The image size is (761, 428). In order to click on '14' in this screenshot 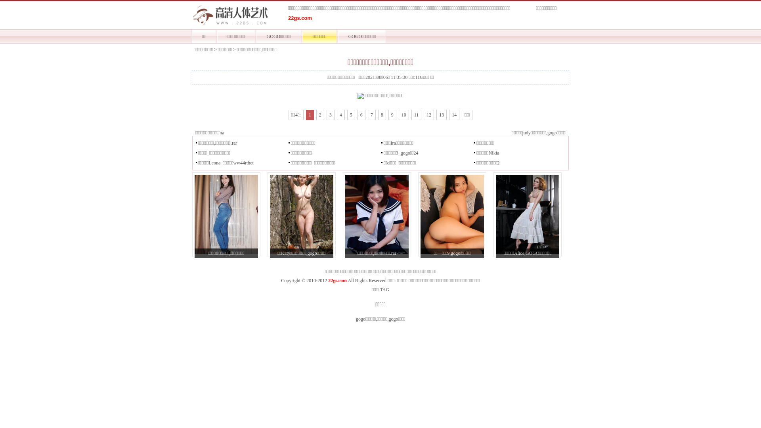, I will do `click(449, 115)`.